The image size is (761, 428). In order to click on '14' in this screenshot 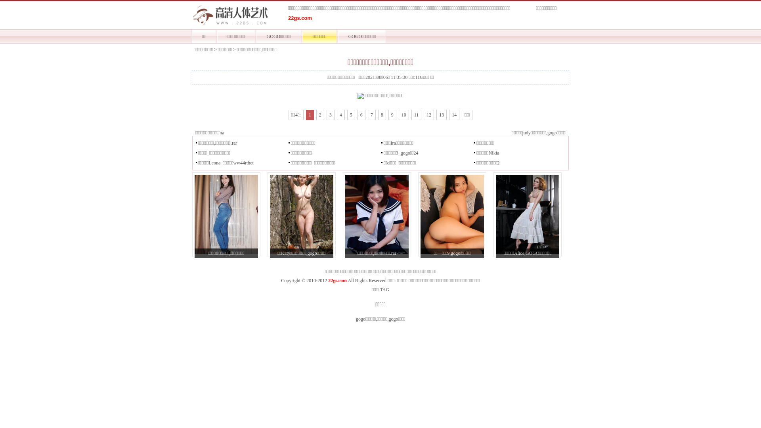, I will do `click(449, 115)`.